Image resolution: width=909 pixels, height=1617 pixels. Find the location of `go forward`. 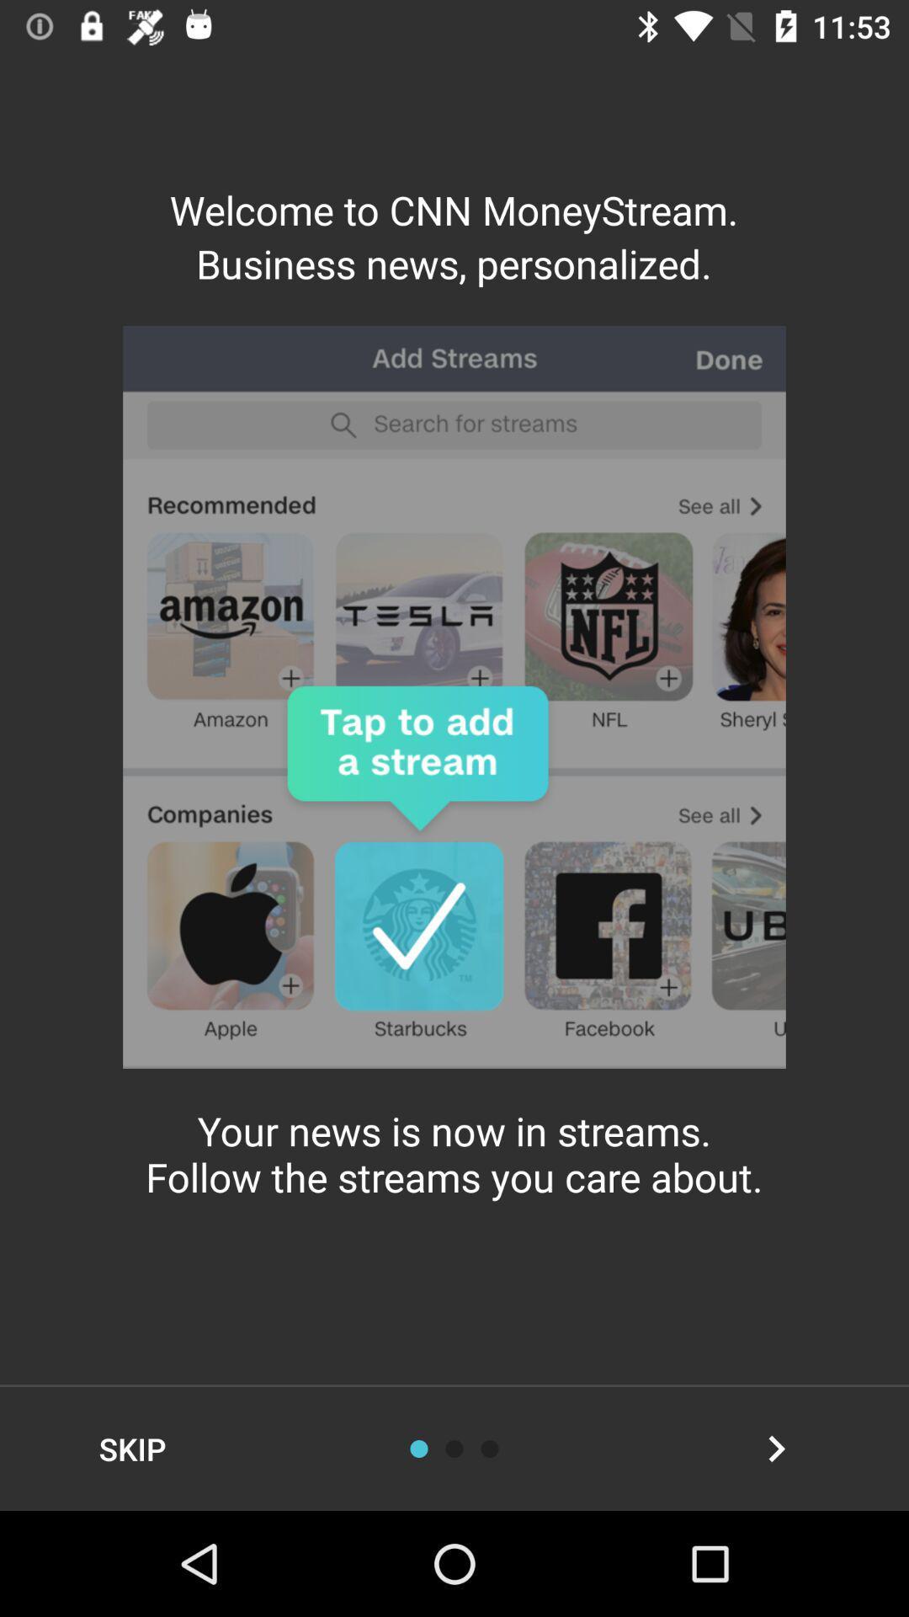

go forward is located at coordinates (776, 1448).